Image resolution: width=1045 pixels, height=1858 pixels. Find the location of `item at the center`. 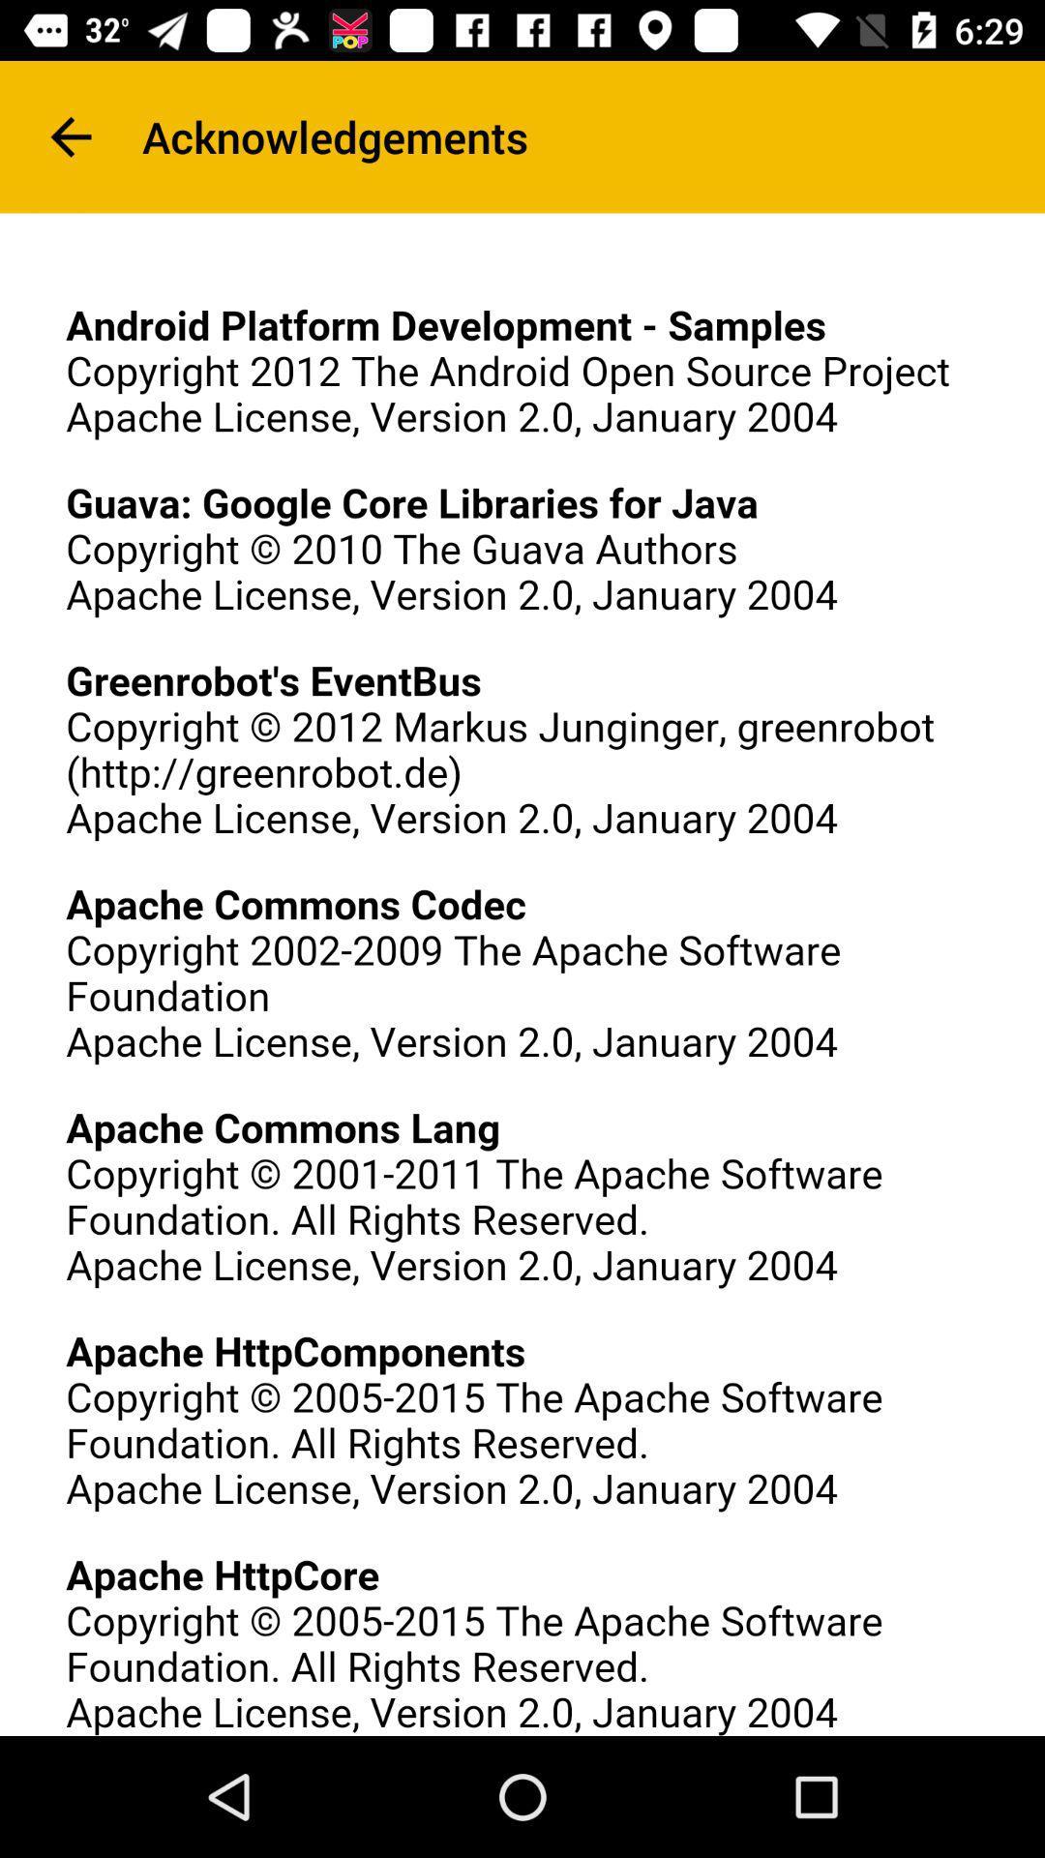

item at the center is located at coordinates (522, 974).